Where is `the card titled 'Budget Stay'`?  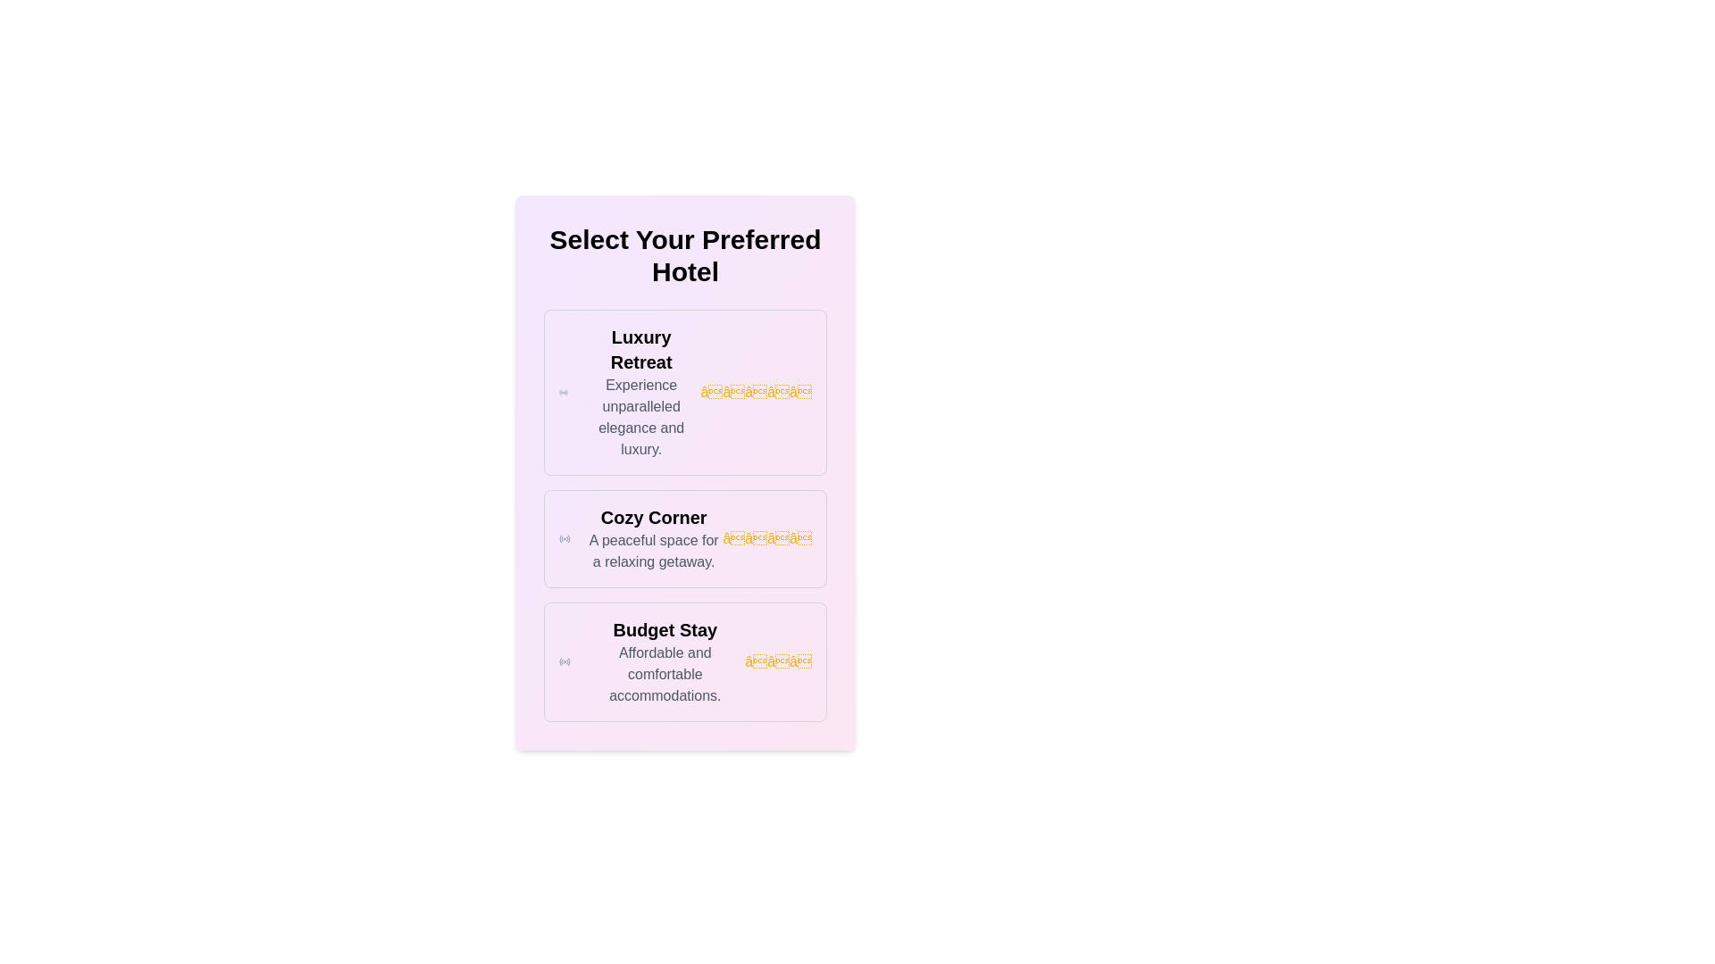 the card titled 'Budget Stay' is located at coordinates (684, 661).